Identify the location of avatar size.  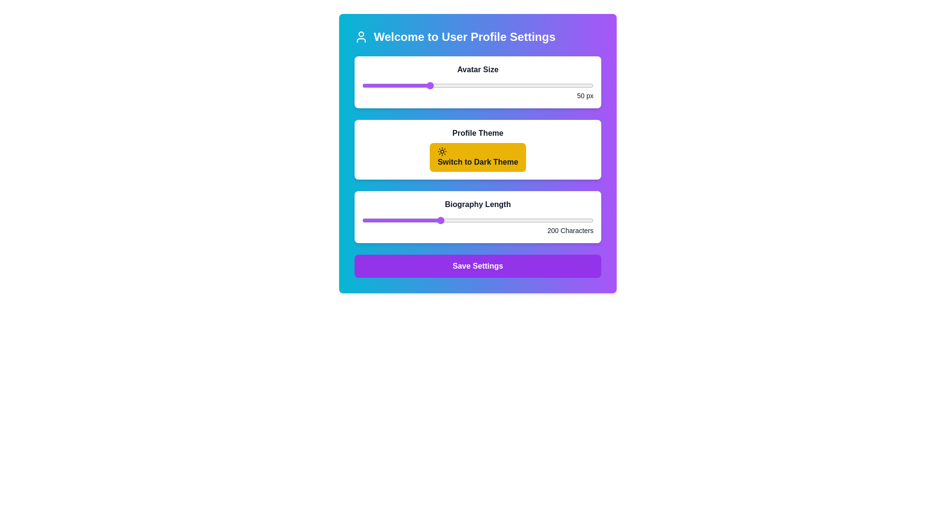
(371, 85).